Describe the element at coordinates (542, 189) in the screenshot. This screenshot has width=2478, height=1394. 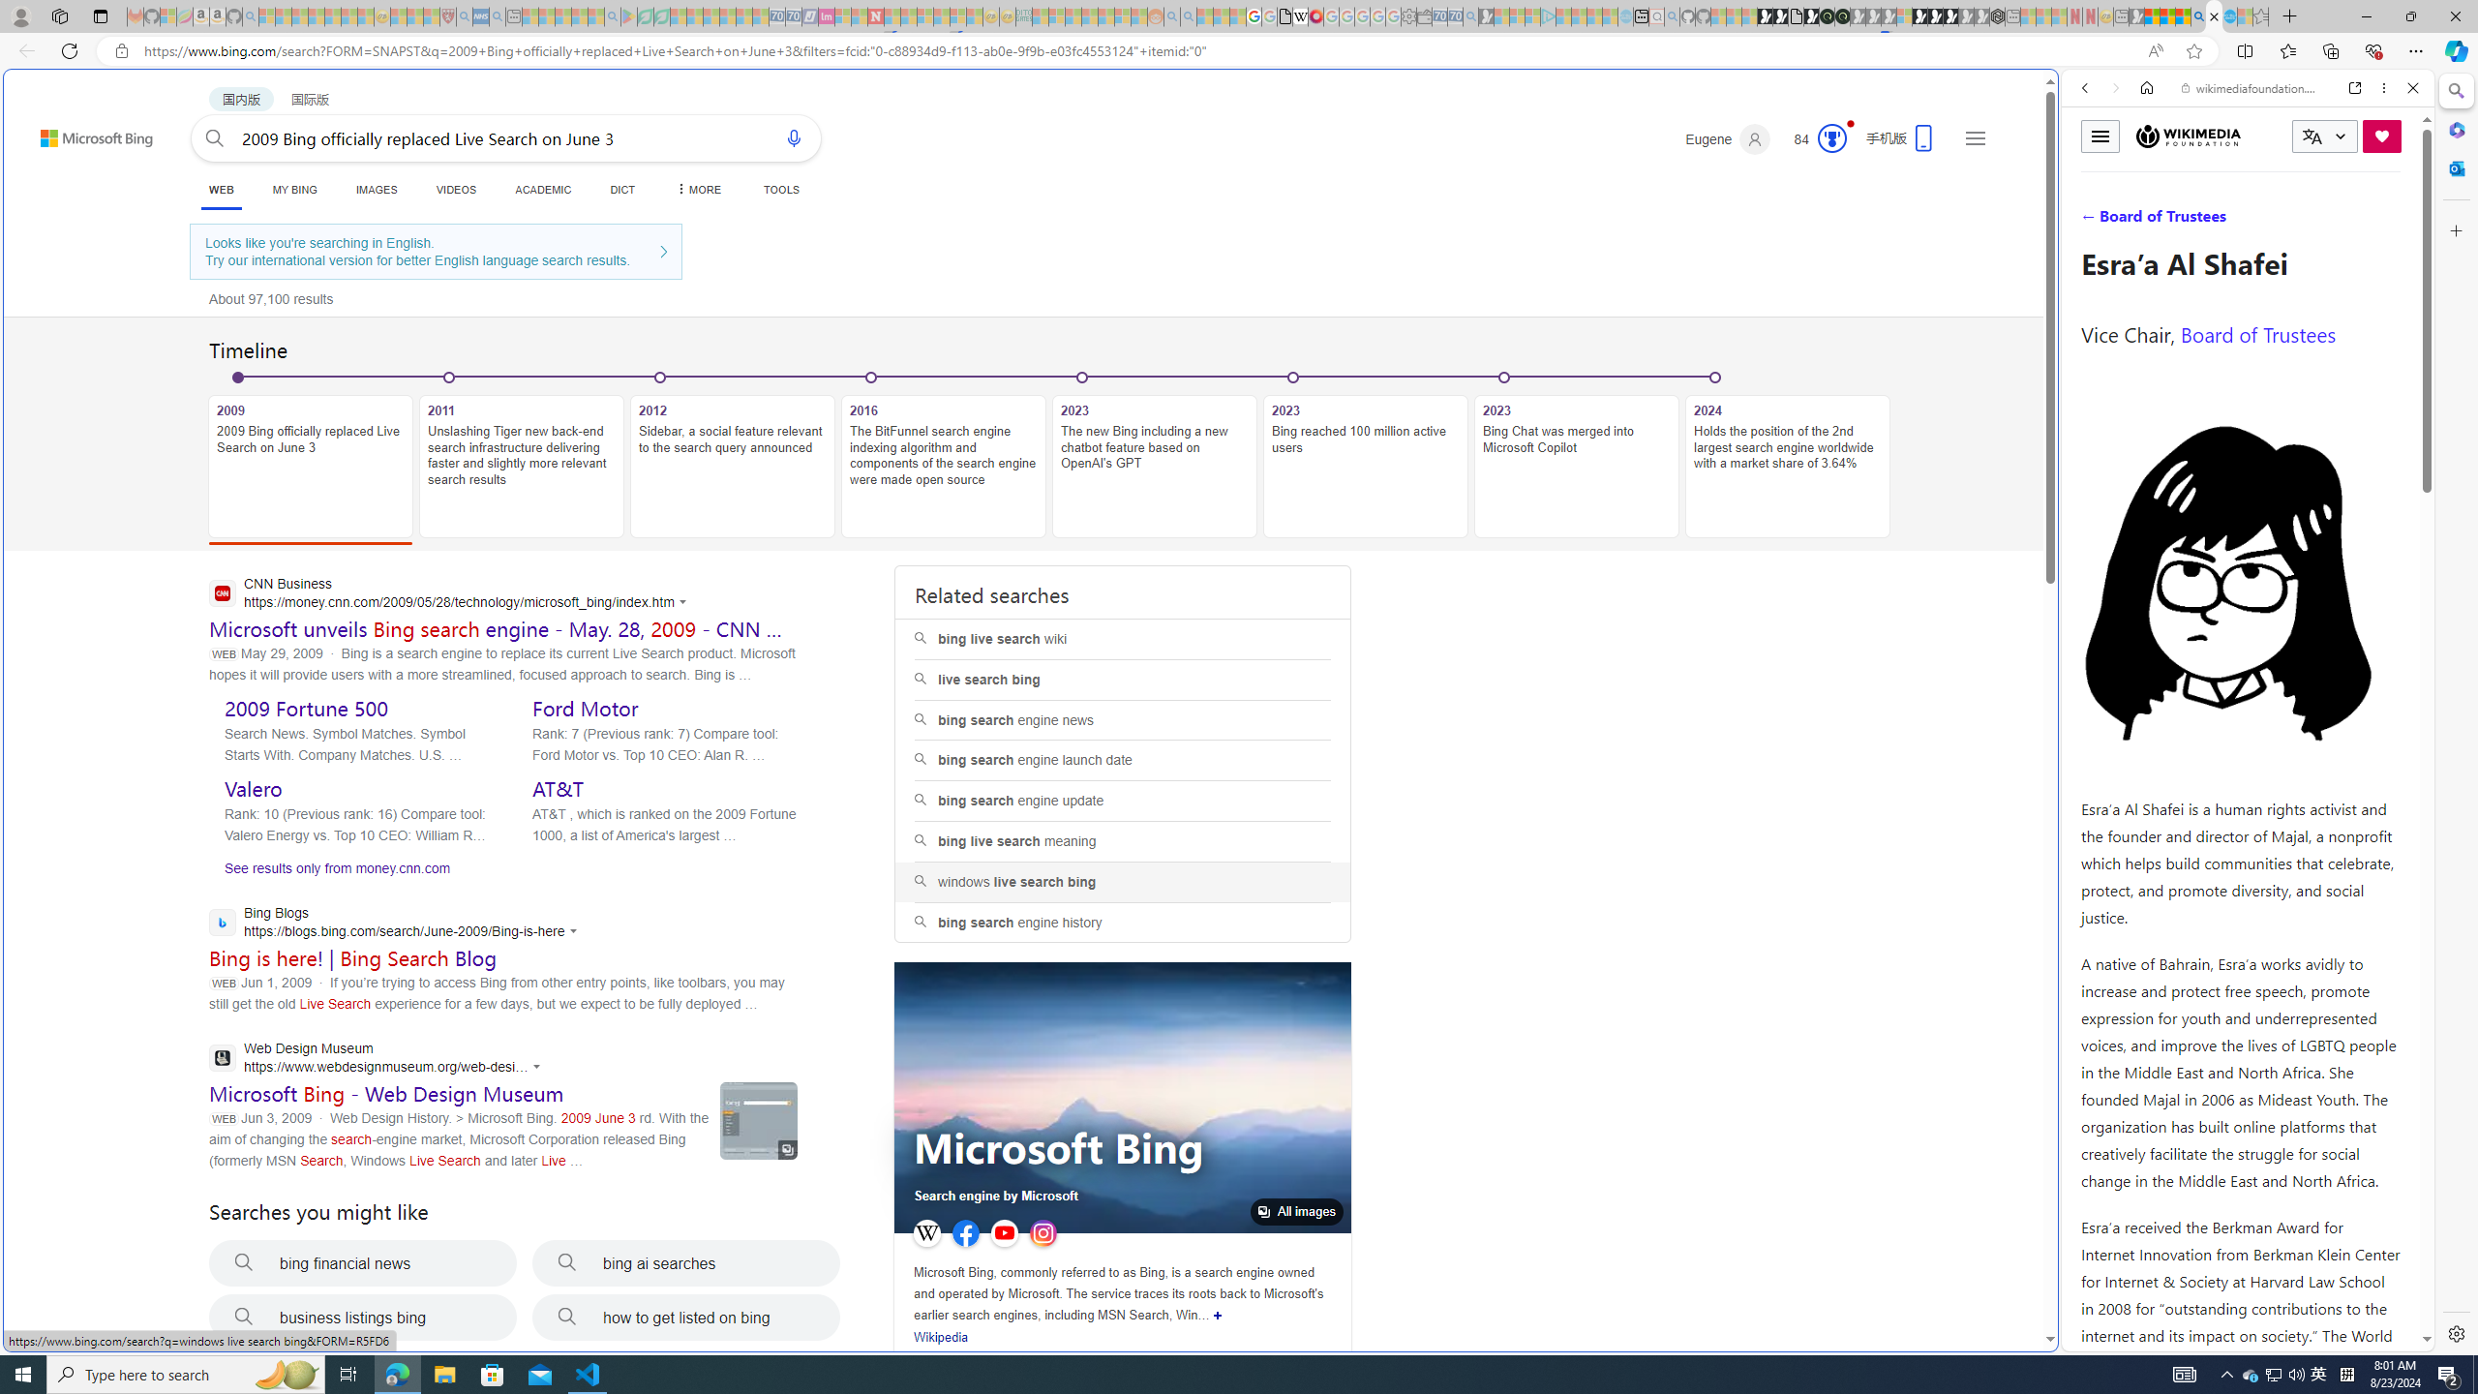
I see `'ACADEMIC'` at that location.